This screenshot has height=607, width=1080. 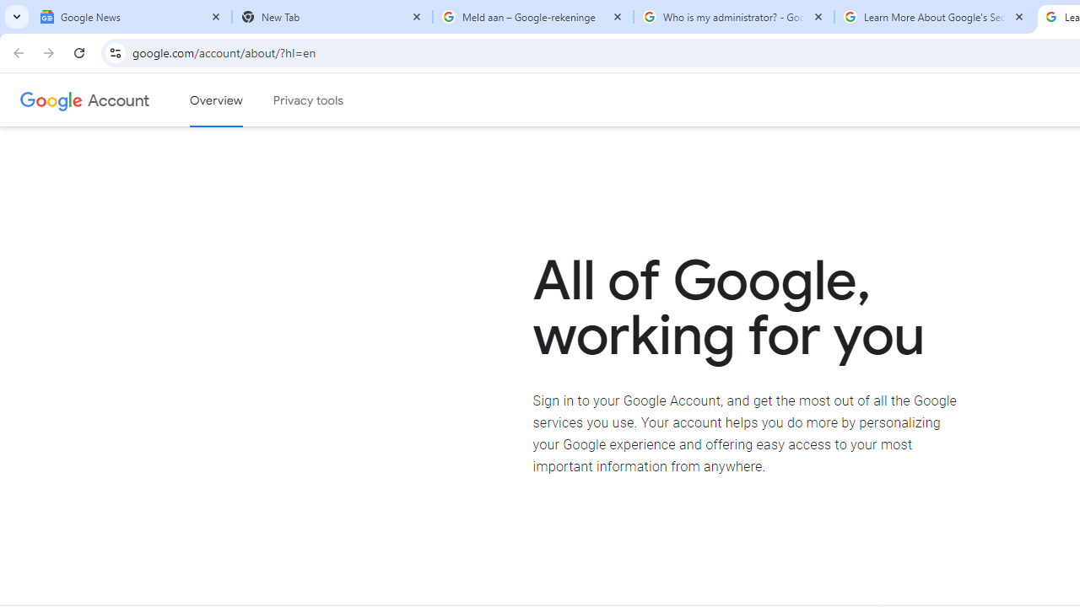 What do you see at coordinates (131, 17) in the screenshot?
I see `'Google News'` at bounding box center [131, 17].